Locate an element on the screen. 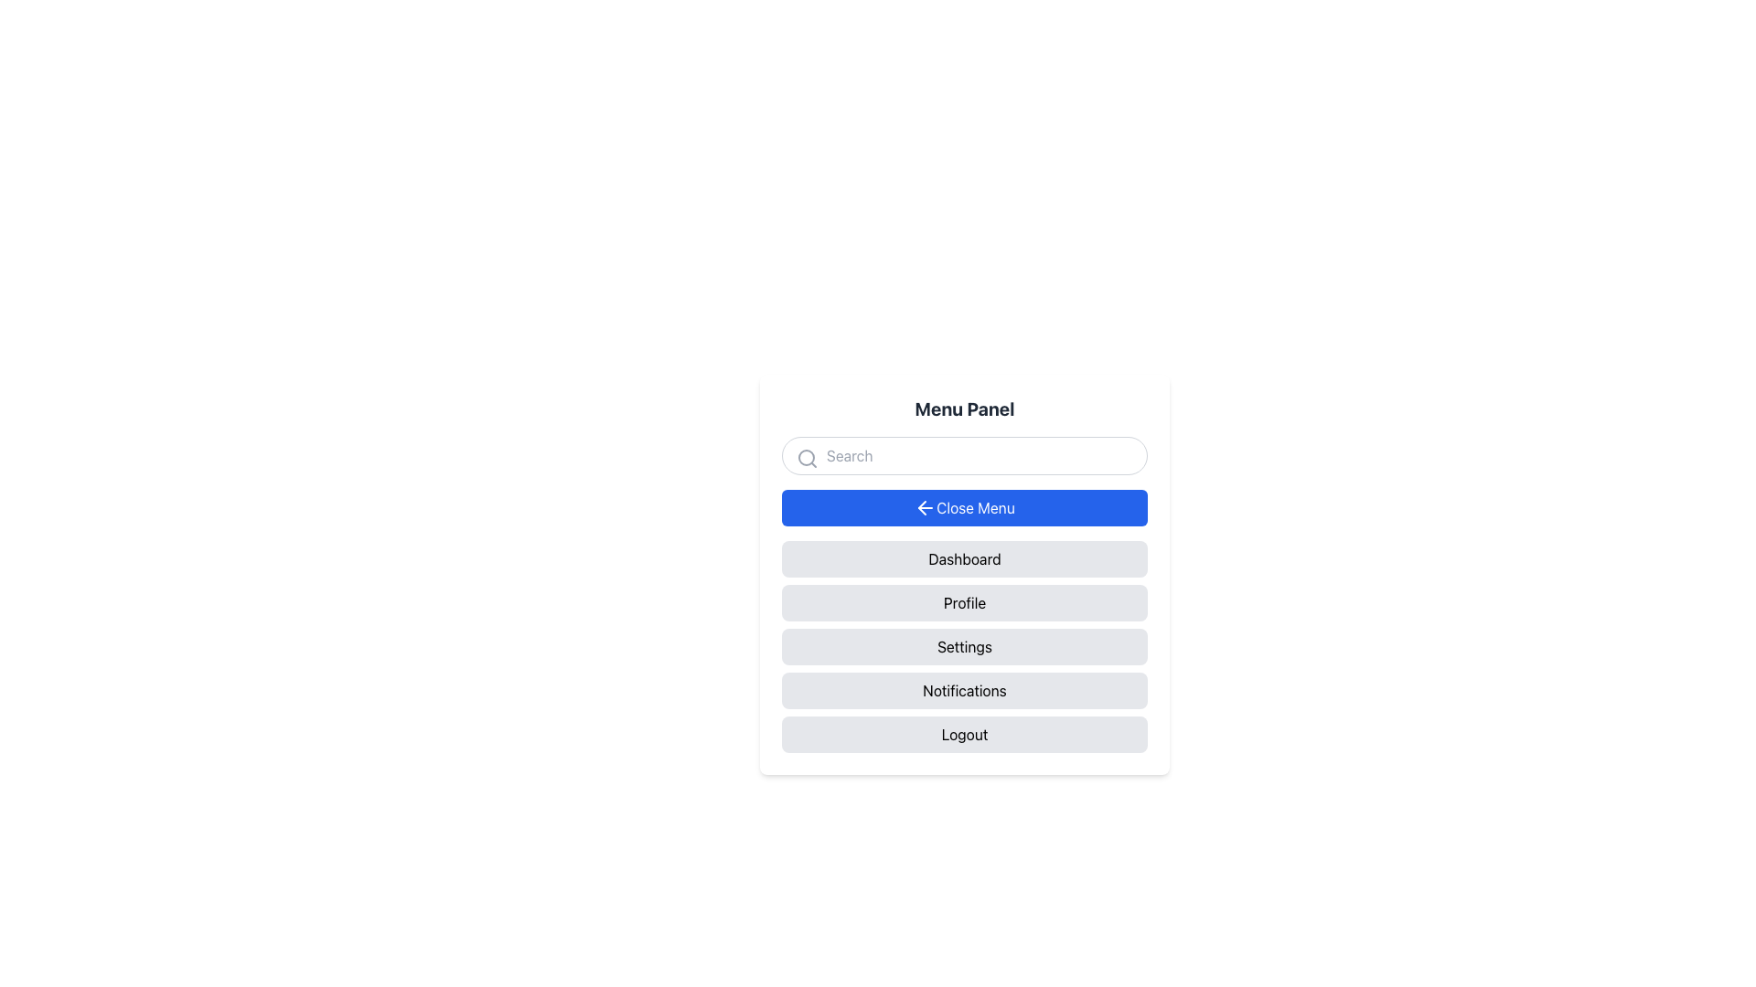 This screenshot has width=1756, height=987. the 'Notifications' button located in the vertical navigation menu, which is the fourth item from the top is located at coordinates (964, 691).